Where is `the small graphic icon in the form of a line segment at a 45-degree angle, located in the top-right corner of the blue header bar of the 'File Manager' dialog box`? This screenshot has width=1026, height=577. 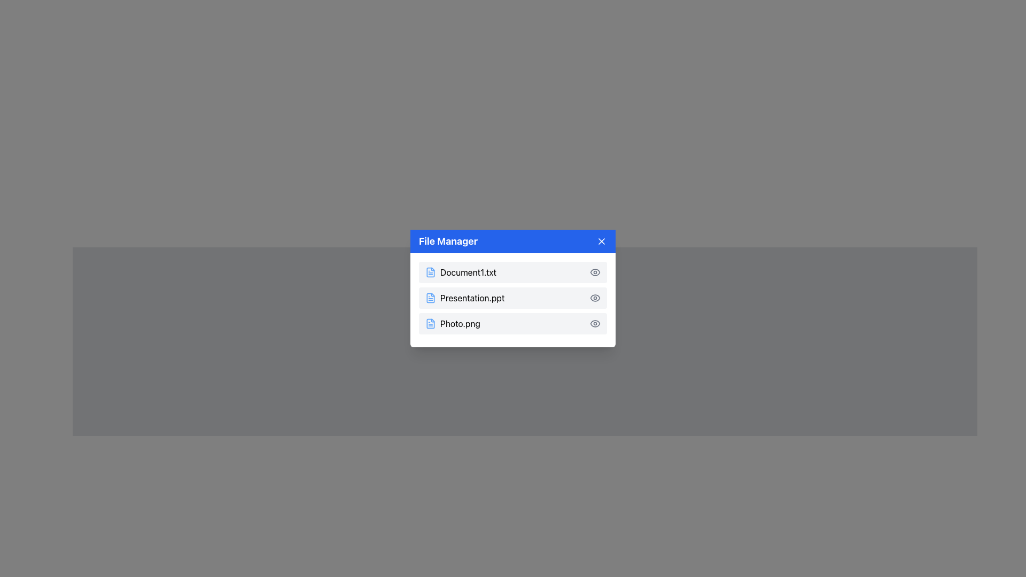 the small graphic icon in the form of a line segment at a 45-degree angle, located in the top-right corner of the blue header bar of the 'File Manager' dialog box is located at coordinates (602, 241).